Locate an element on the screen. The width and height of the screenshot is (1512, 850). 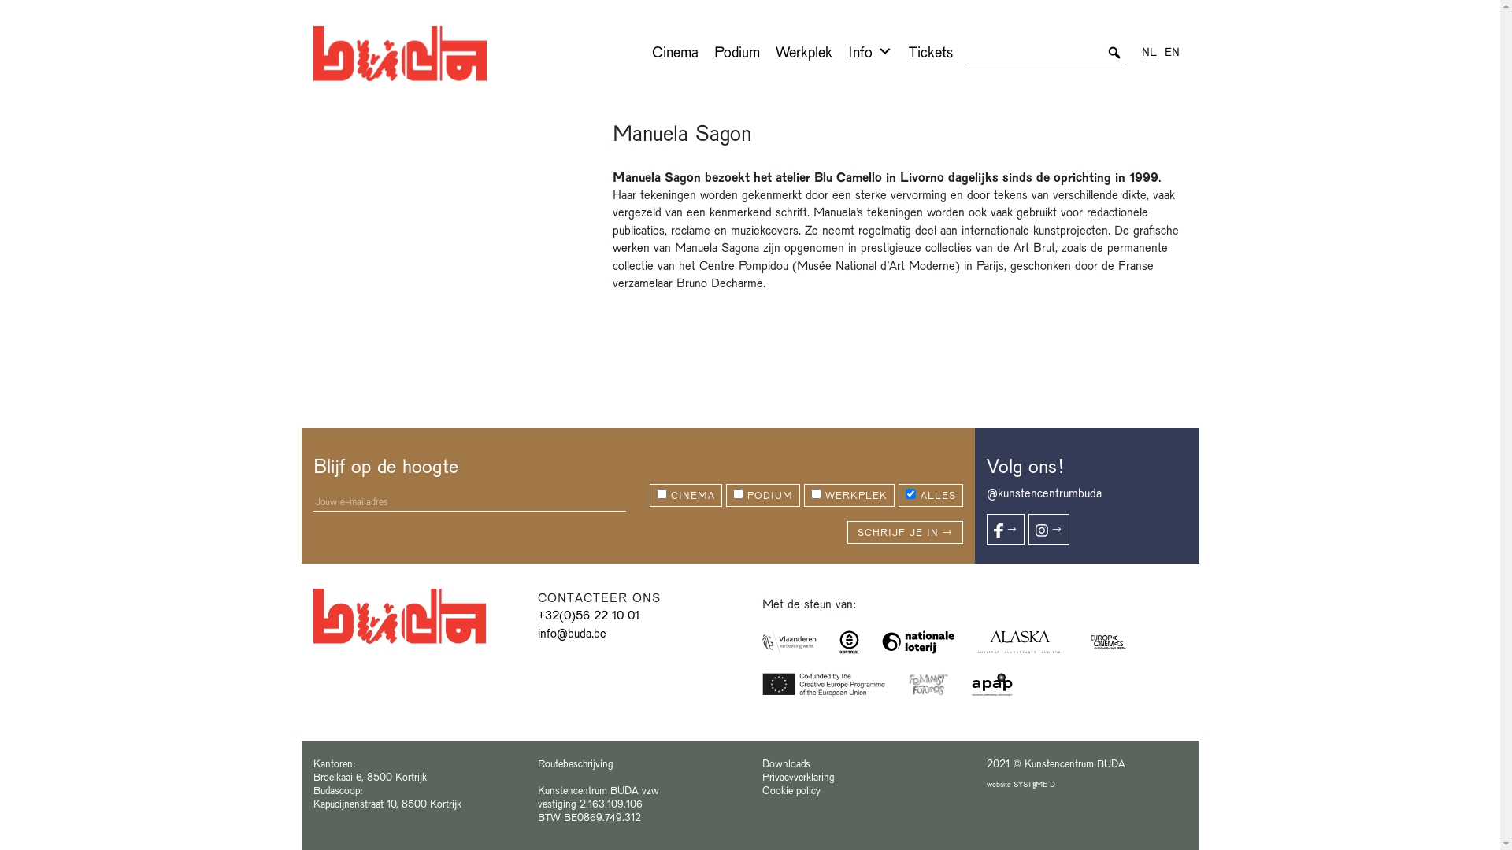
'Cookie policy' is located at coordinates (762, 789).